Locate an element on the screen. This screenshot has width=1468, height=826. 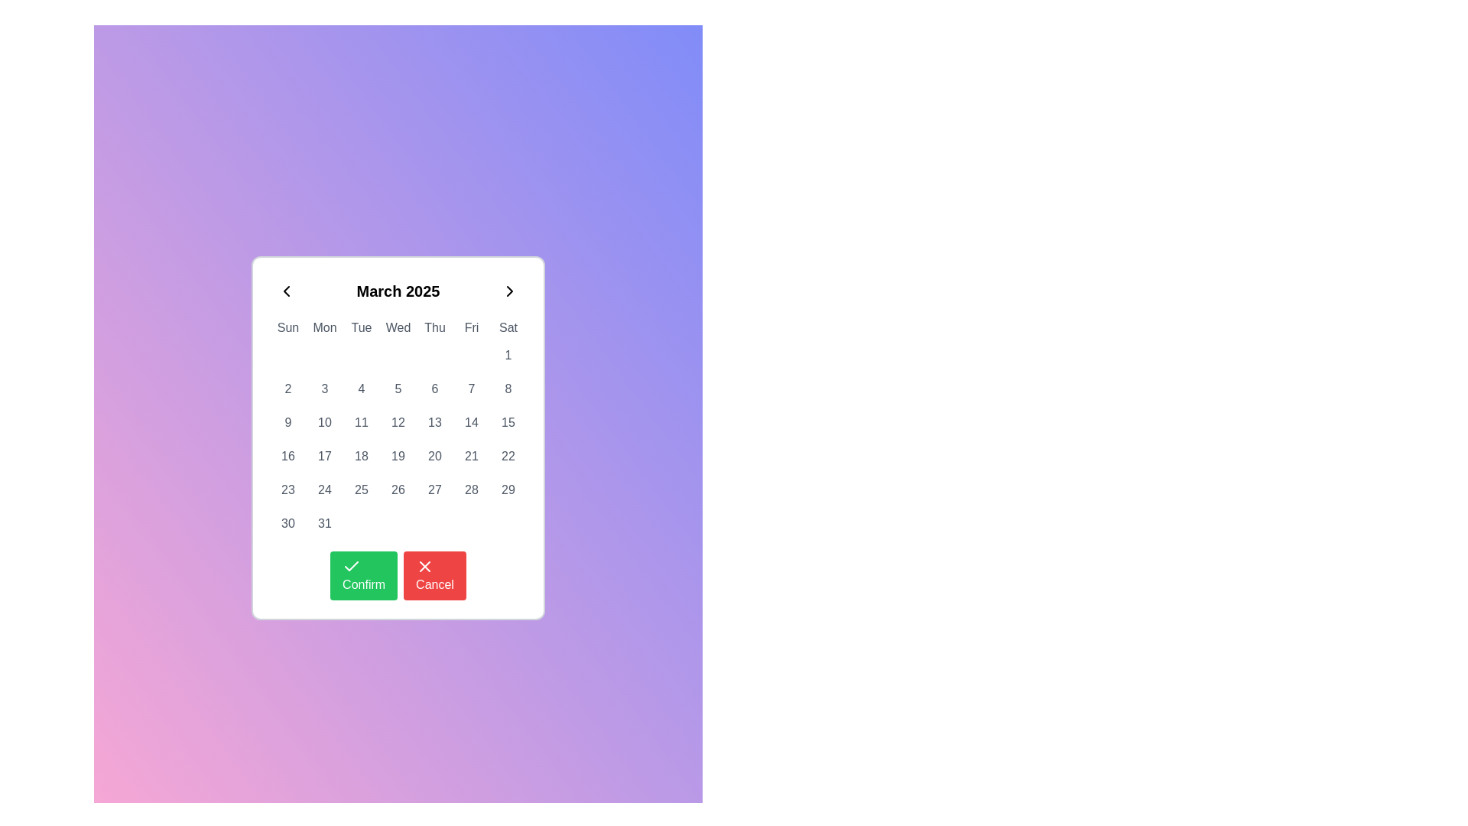
the button representing the 20th day of the month in the calendar is located at coordinates (434, 456).